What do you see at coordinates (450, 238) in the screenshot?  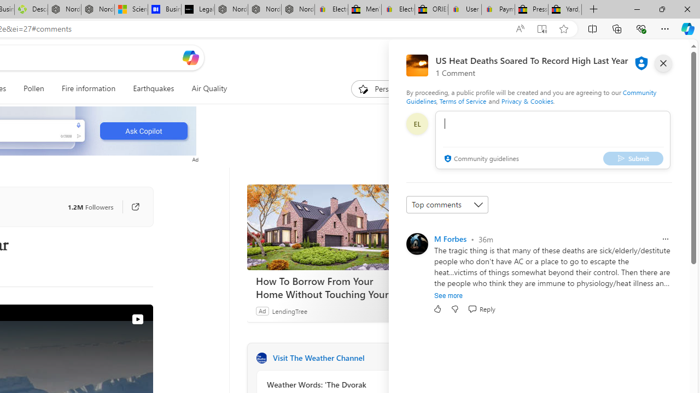 I see `'M Forbes'` at bounding box center [450, 238].